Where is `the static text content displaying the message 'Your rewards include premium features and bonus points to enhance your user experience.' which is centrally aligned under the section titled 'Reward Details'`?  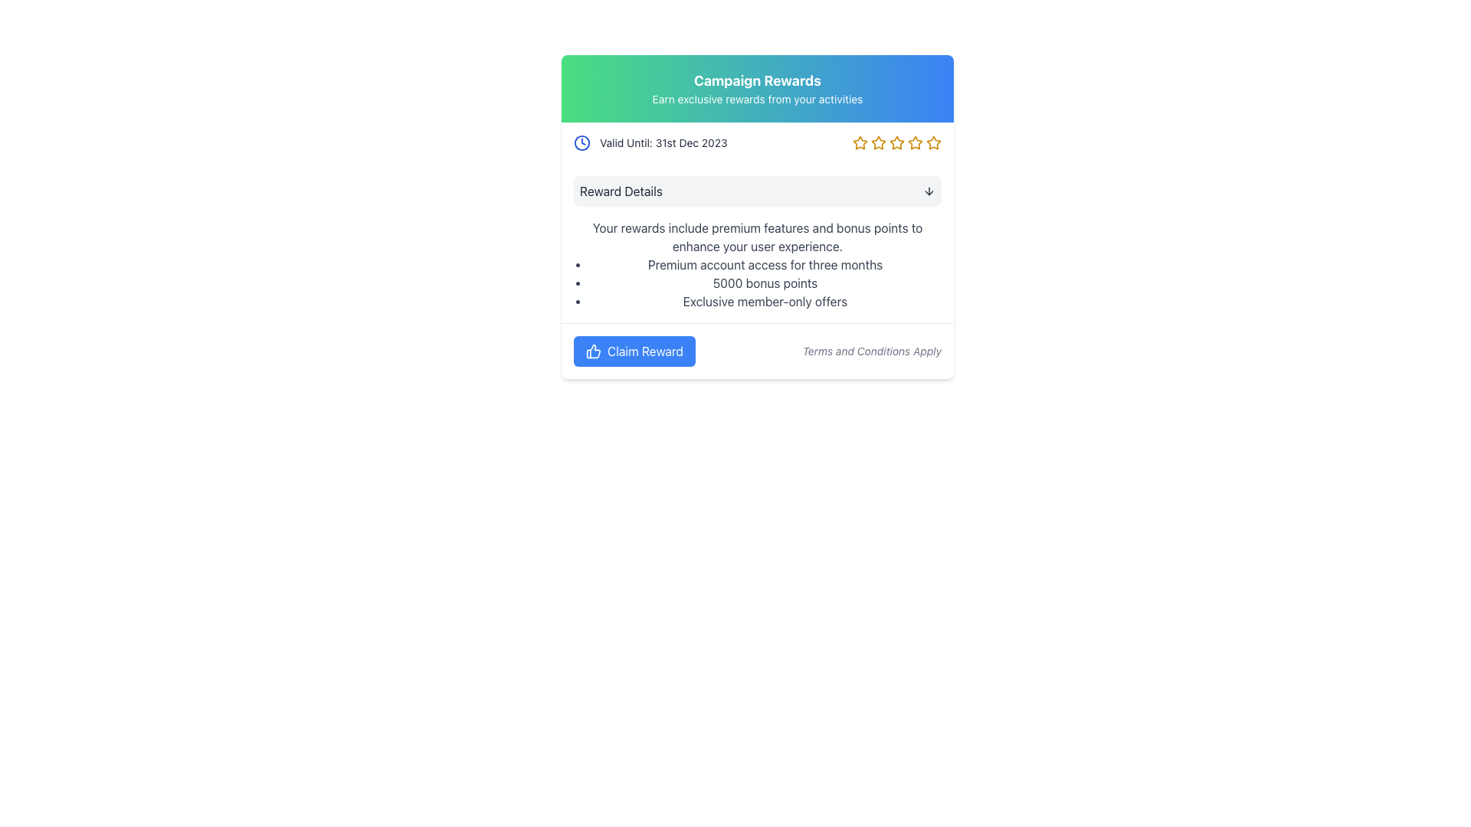 the static text content displaying the message 'Your rewards include premium features and bonus points to enhance your user experience.' which is centrally aligned under the section titled 'Reward Details' is located at coordinates (757, 237).